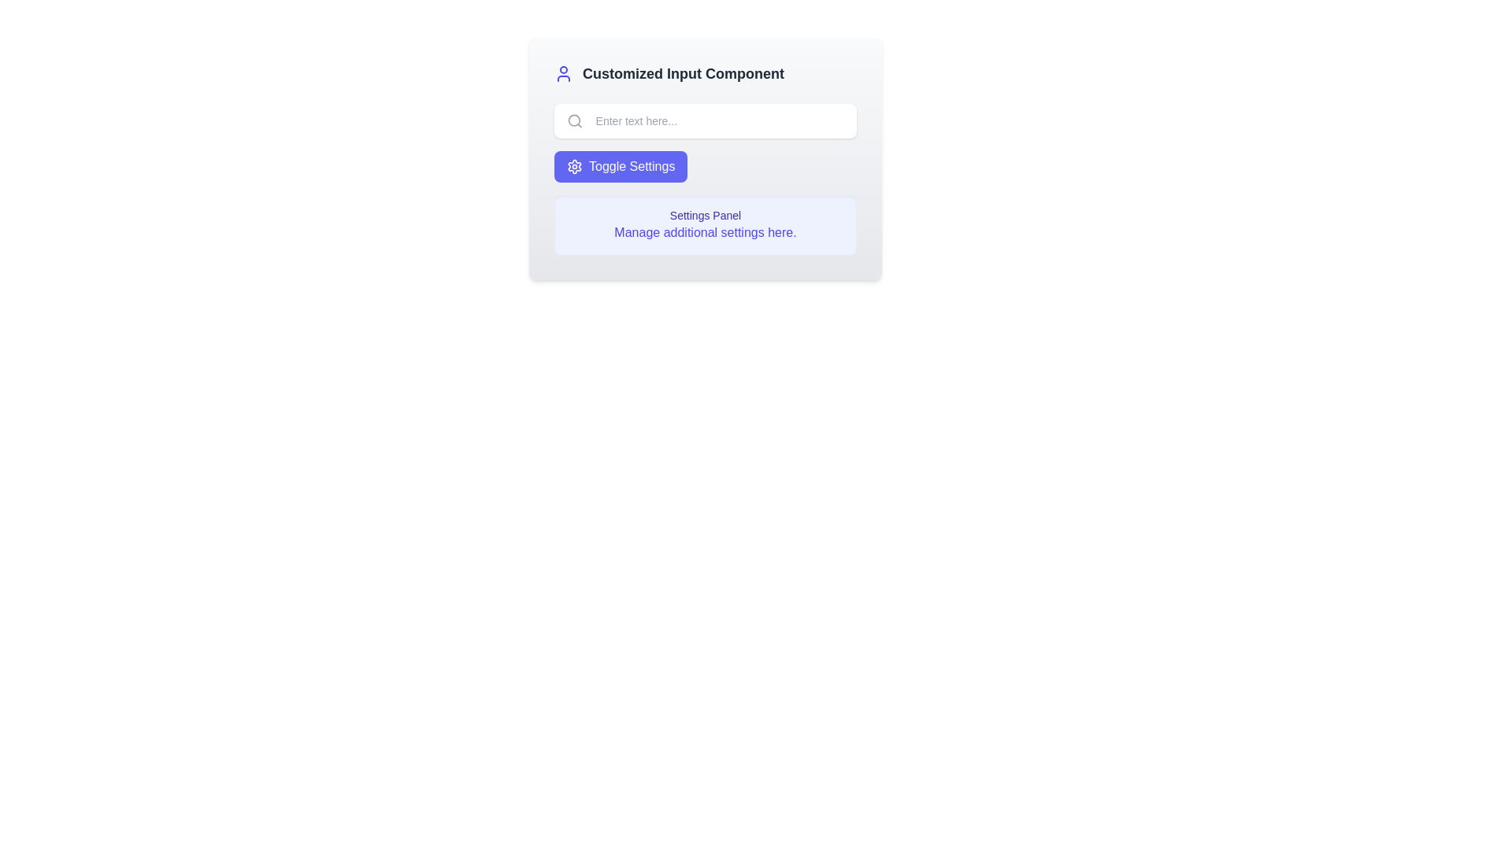 The height and width of the screenshot is (850, 1512). I want to click on the user profile SVG icon located to the left of the 'Customized Input Component' text by moving the cursor to it, so click(563, 73).